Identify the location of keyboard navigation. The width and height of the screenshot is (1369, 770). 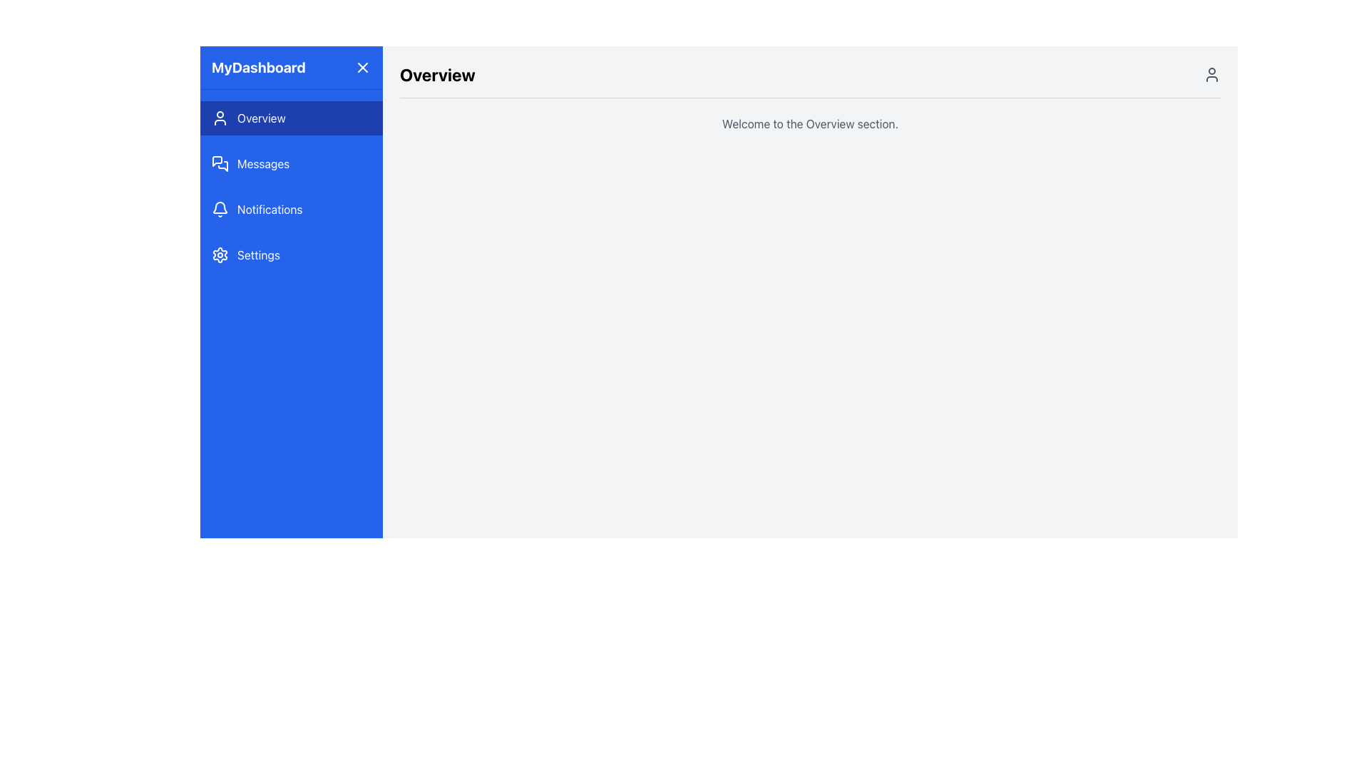
(290, 255).